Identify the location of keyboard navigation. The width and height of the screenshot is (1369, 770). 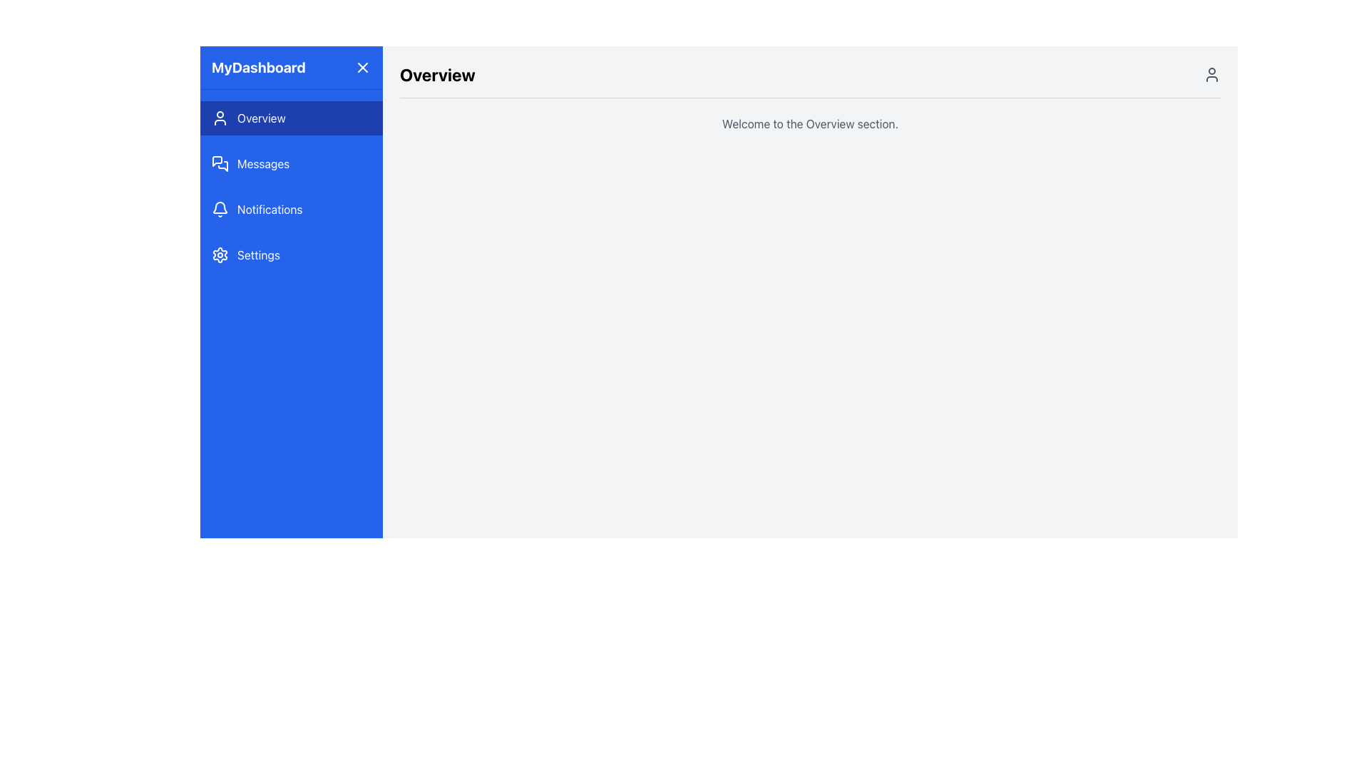
(290, 255).